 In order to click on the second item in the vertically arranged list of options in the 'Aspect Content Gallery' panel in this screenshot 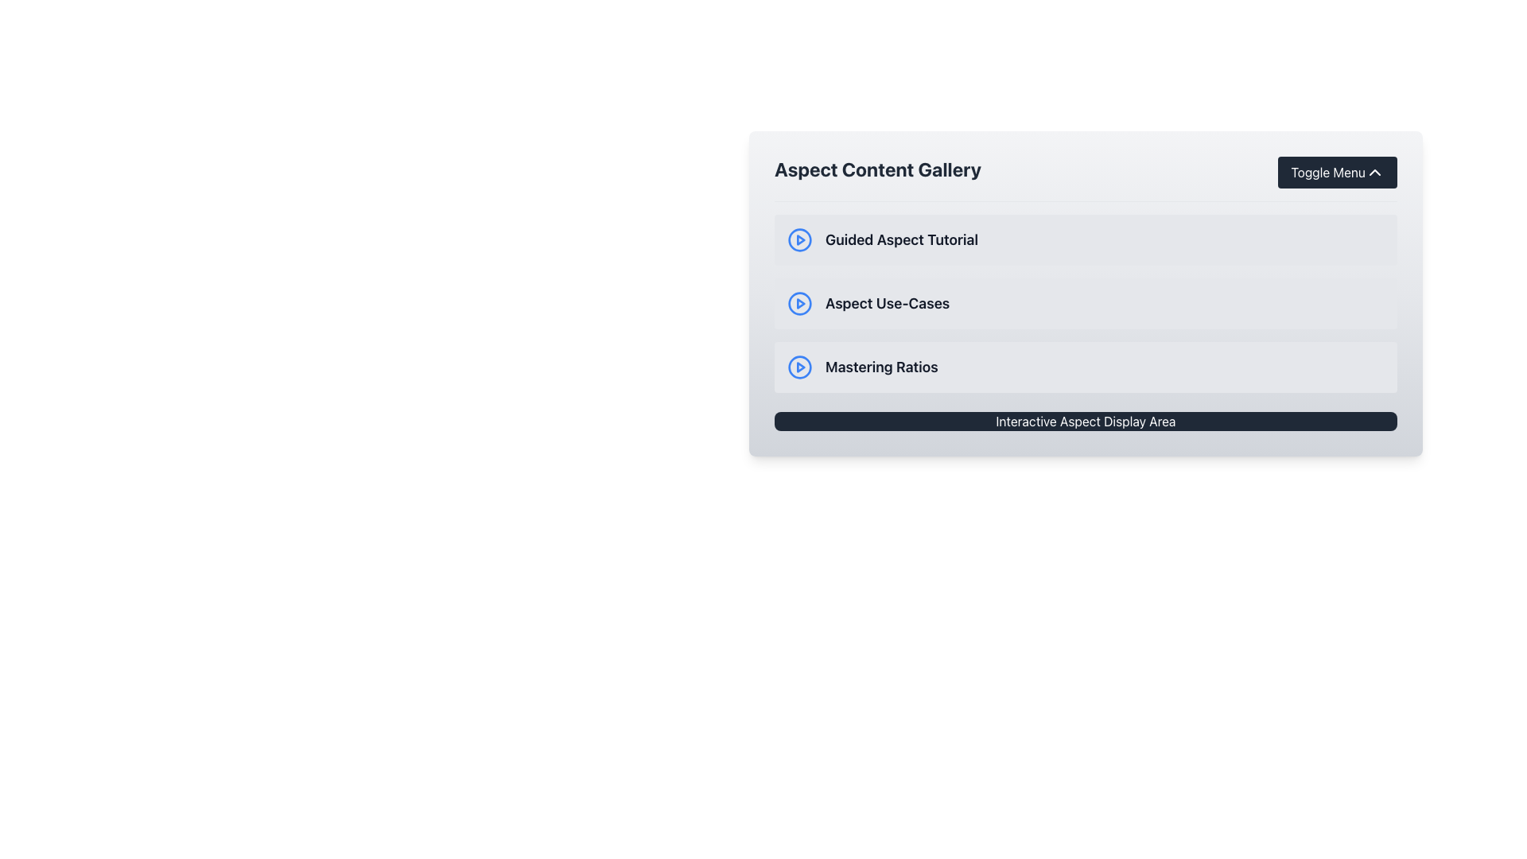, I will do `click(1085, 303)`.